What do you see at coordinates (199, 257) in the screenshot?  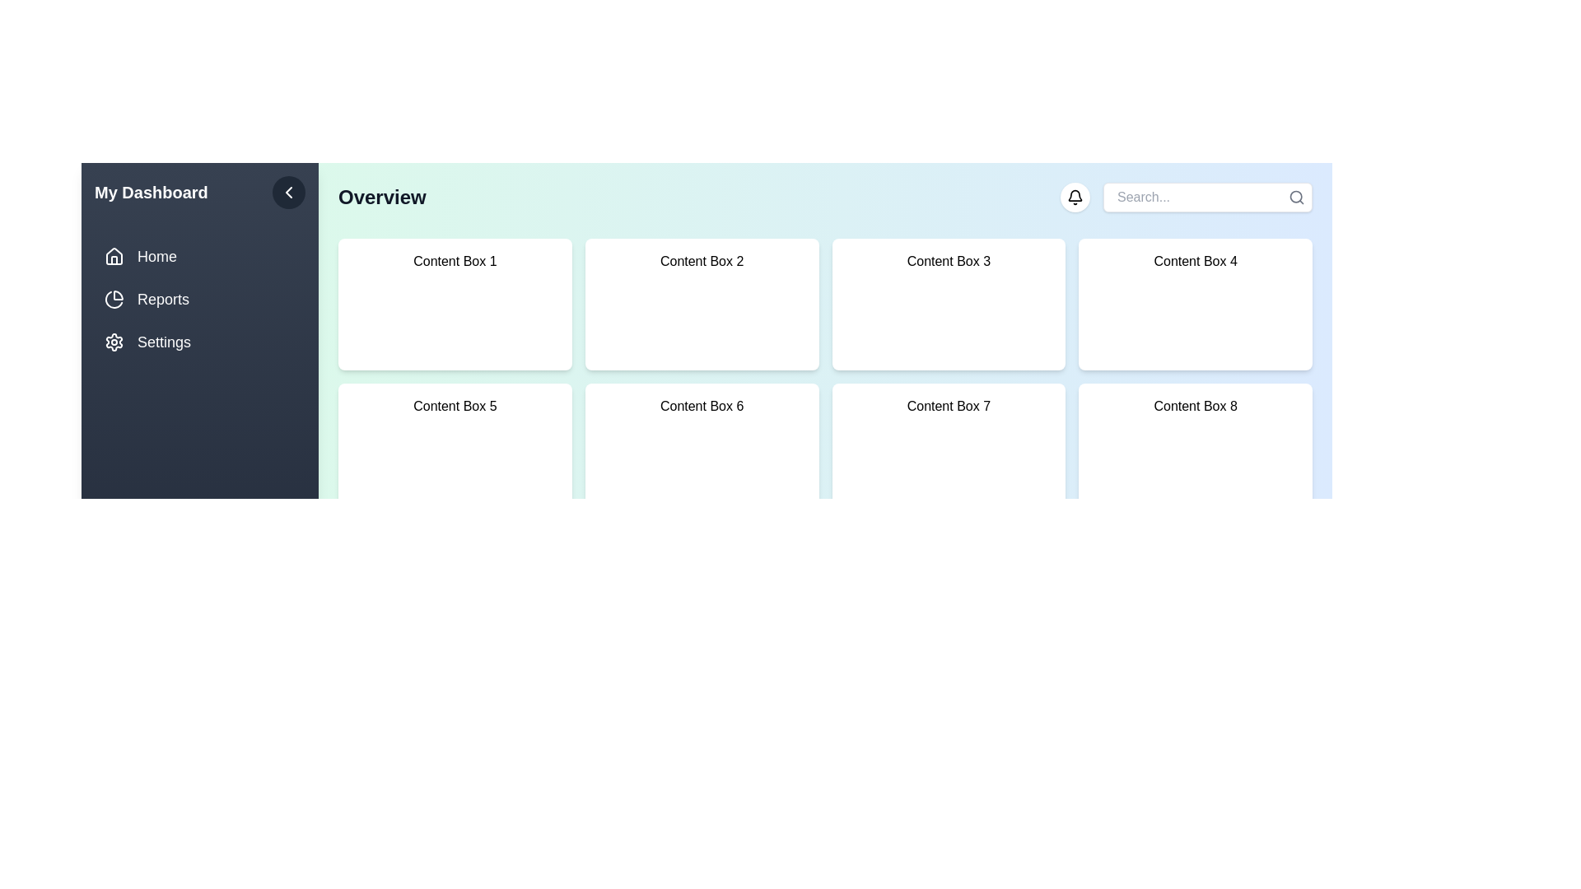 I see `the navigation item Home in the sidebar` at bounding box center [199, 257].